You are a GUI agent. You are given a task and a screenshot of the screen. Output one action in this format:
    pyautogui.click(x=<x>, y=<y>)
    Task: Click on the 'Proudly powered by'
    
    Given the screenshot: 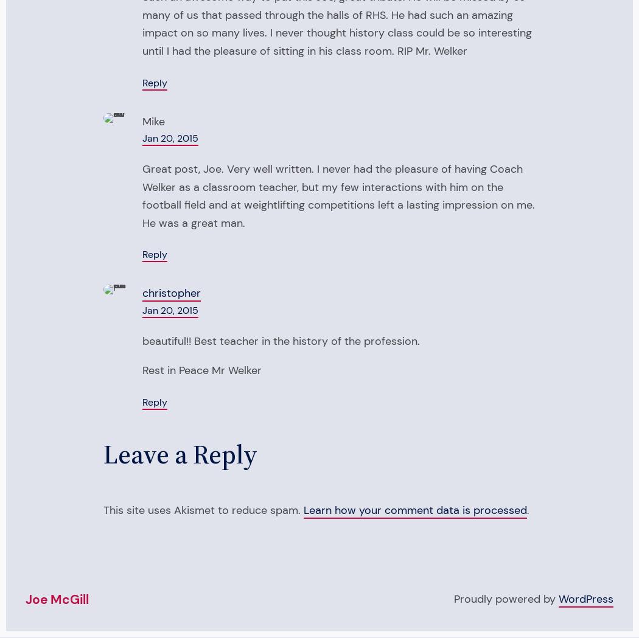 What is the action you would take?
    pyautogui.click(x=506, y=598)
    